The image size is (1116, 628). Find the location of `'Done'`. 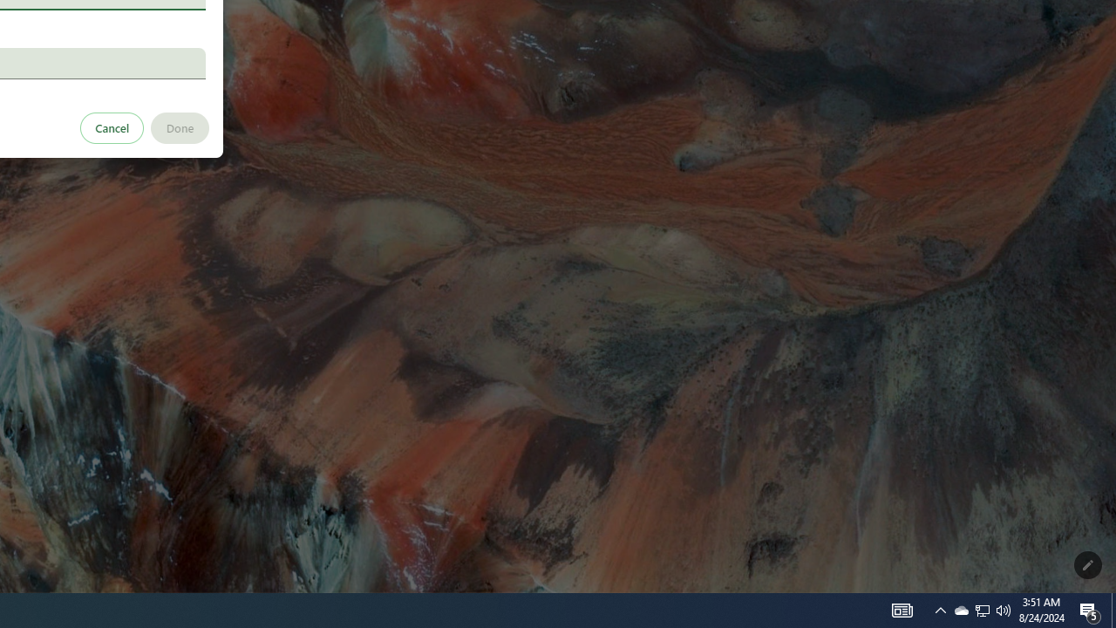

'Done' is located at coordinates (180, 126).